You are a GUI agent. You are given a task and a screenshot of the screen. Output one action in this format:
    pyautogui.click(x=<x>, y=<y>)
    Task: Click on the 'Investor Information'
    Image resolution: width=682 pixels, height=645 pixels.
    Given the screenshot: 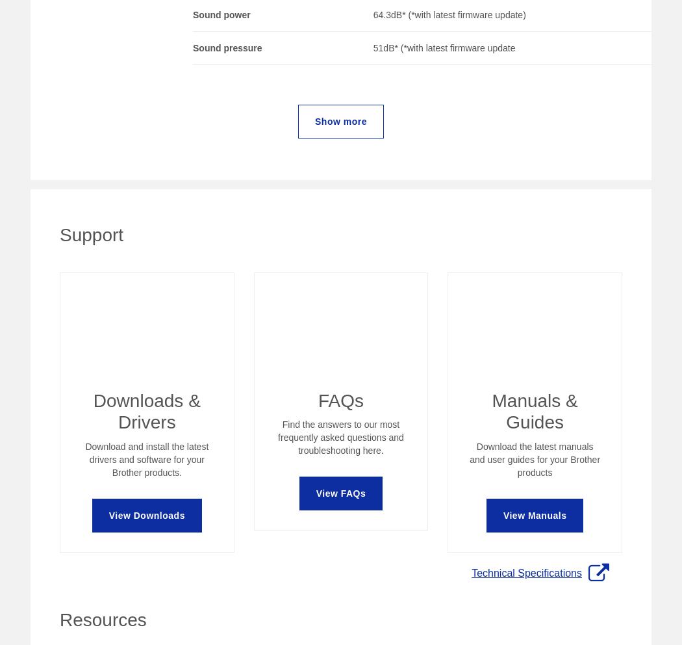 What is the action you would take?
    pyautogui.click(x=300, y=410)
    